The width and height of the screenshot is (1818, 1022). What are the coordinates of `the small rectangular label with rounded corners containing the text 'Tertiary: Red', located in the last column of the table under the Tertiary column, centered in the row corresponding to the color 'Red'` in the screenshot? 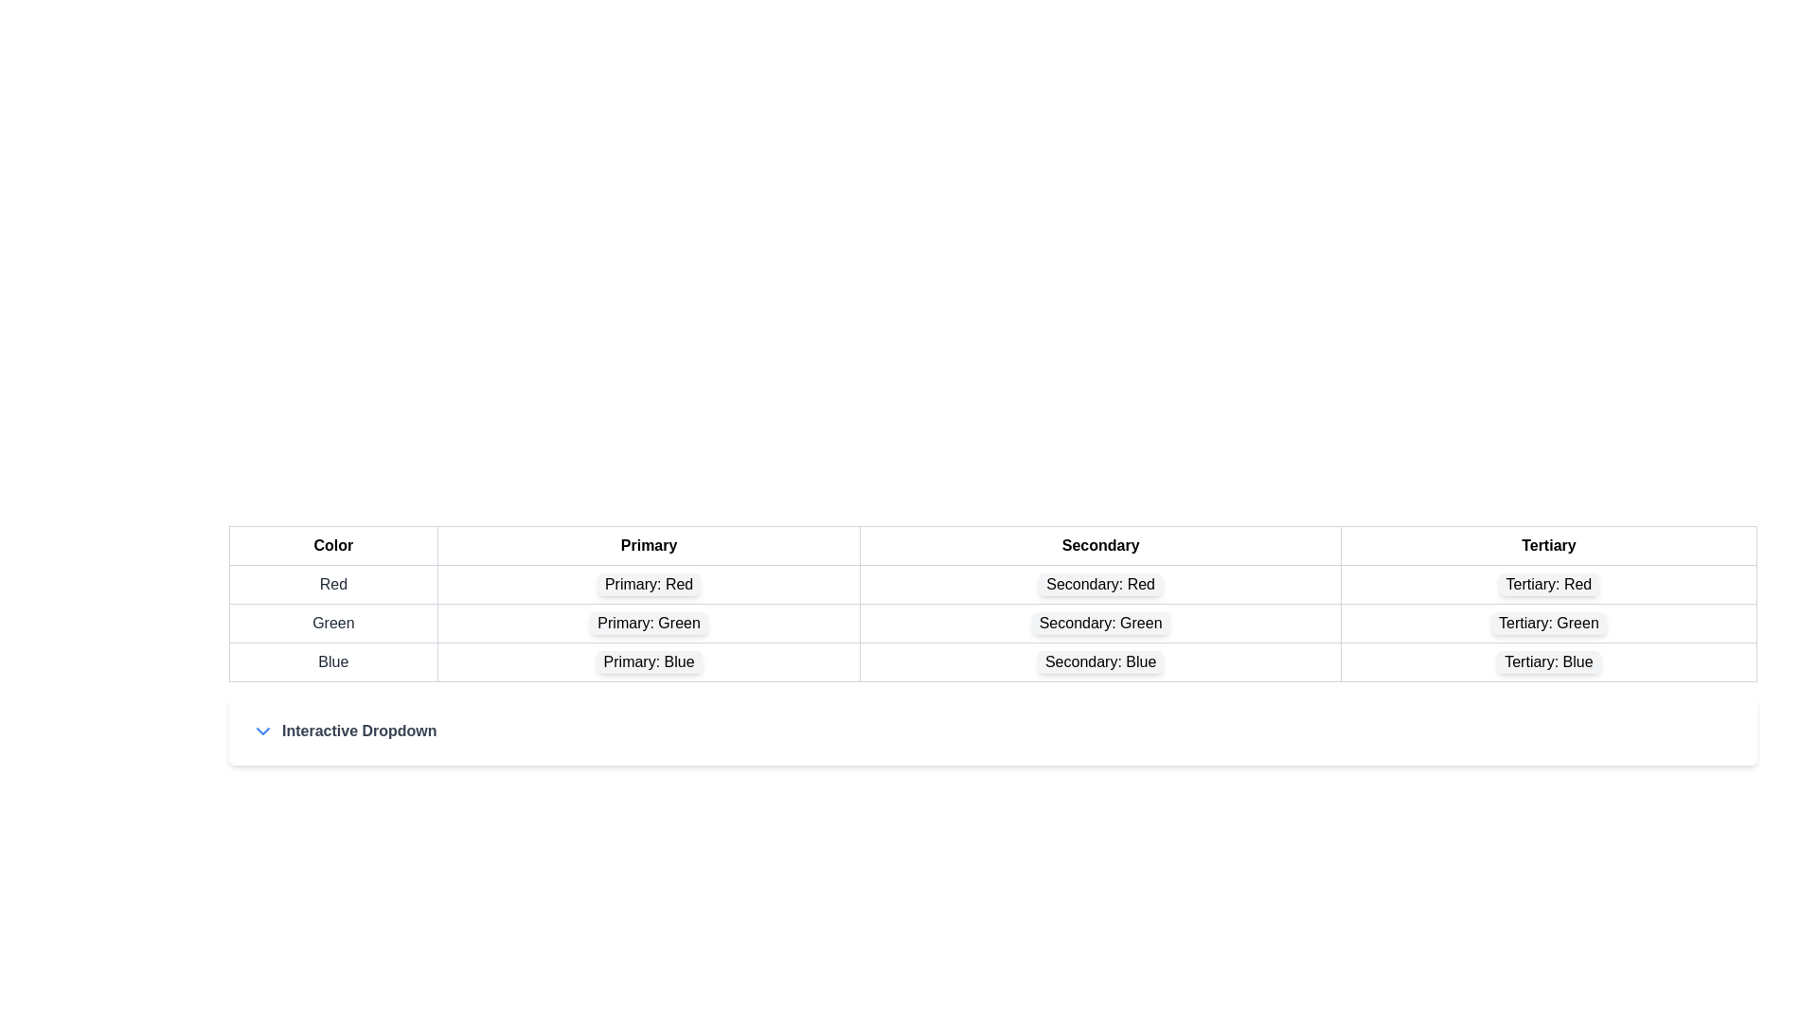 It's located at (1548, 583).